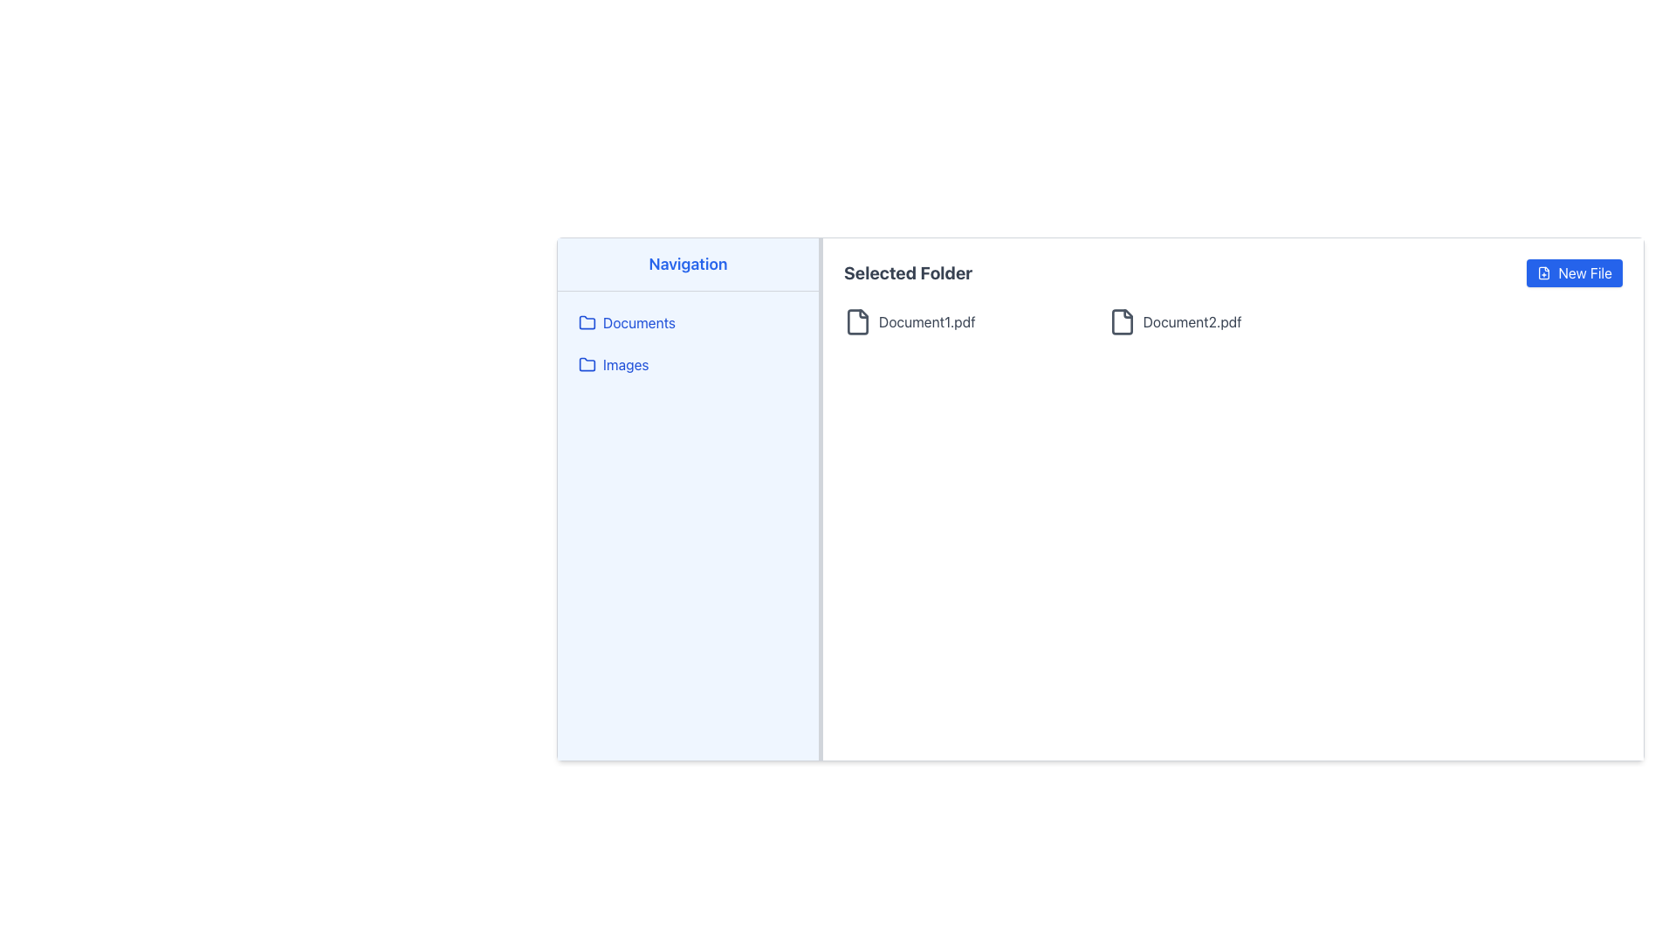 This screenshot has height=943, width=1676. Describe the element at coordinates (1122, 322) in the screenshot. I see `the file icon representing 'Document2.pdf'` at that location.